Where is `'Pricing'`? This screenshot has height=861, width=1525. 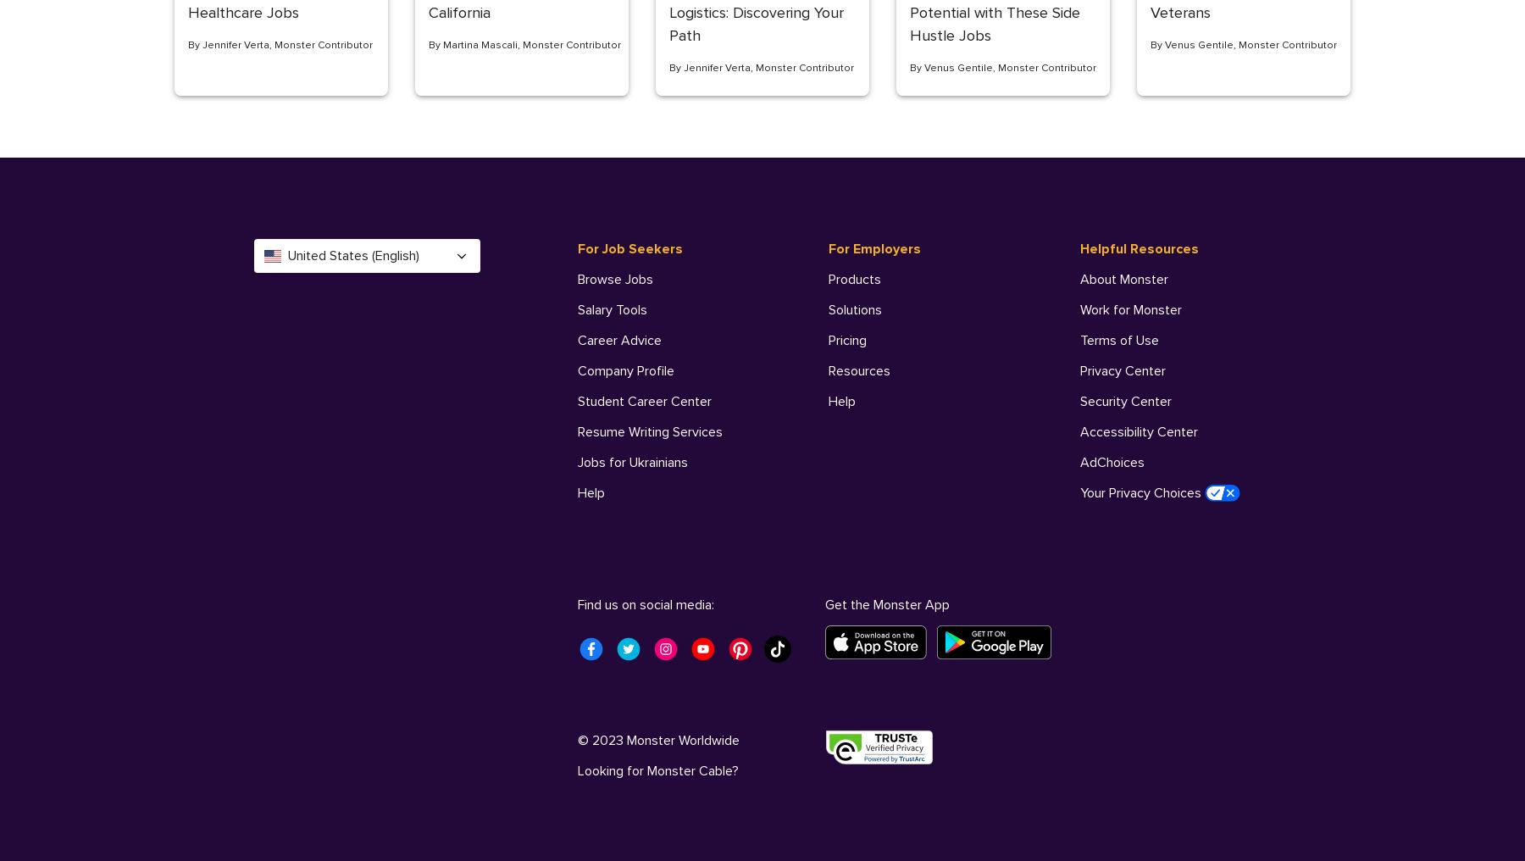 'Pricing' is located at coordinates (846, 340).